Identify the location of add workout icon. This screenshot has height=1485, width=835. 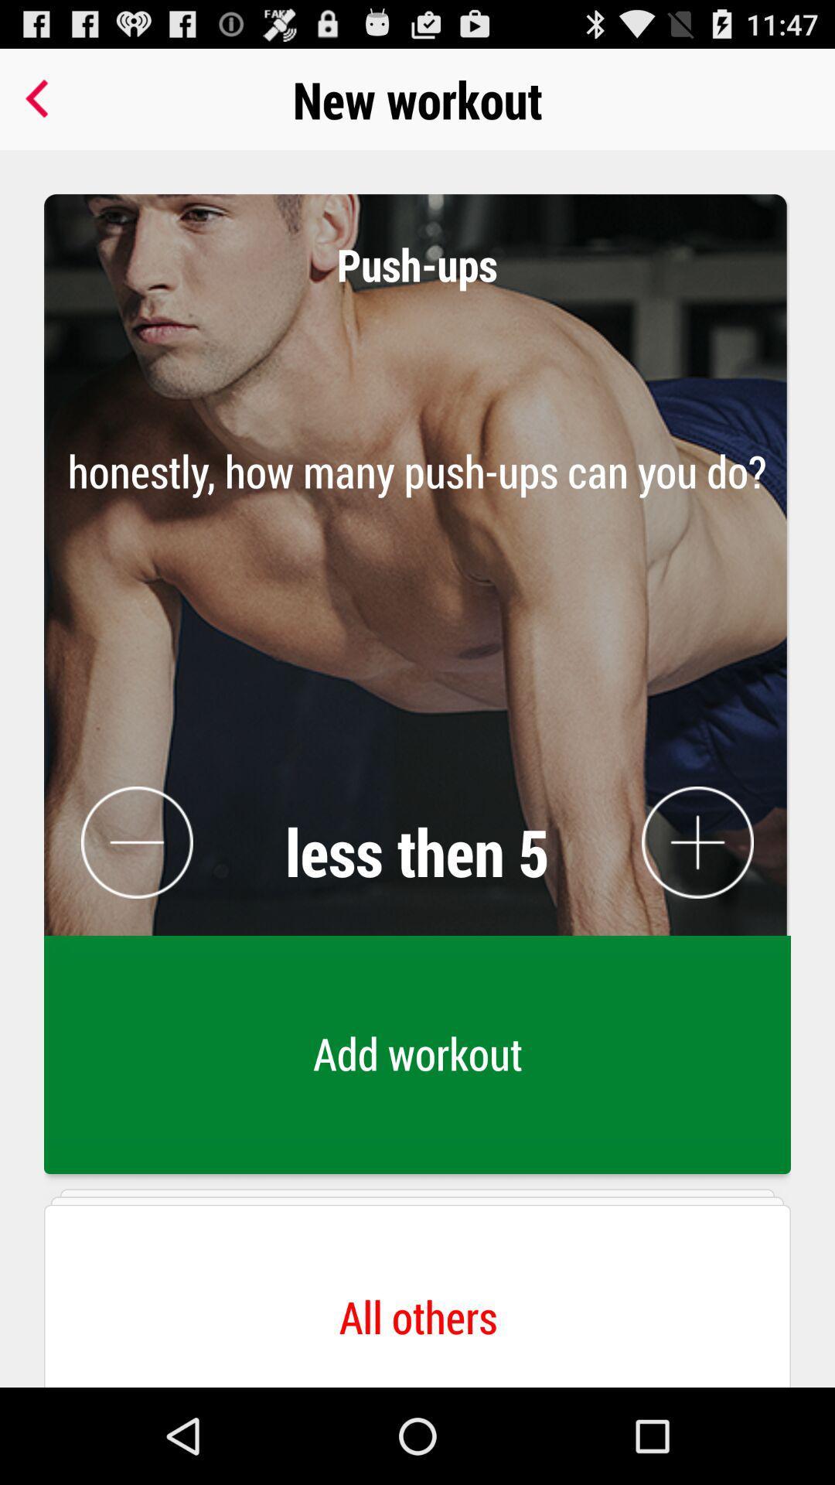
(417, 1058).